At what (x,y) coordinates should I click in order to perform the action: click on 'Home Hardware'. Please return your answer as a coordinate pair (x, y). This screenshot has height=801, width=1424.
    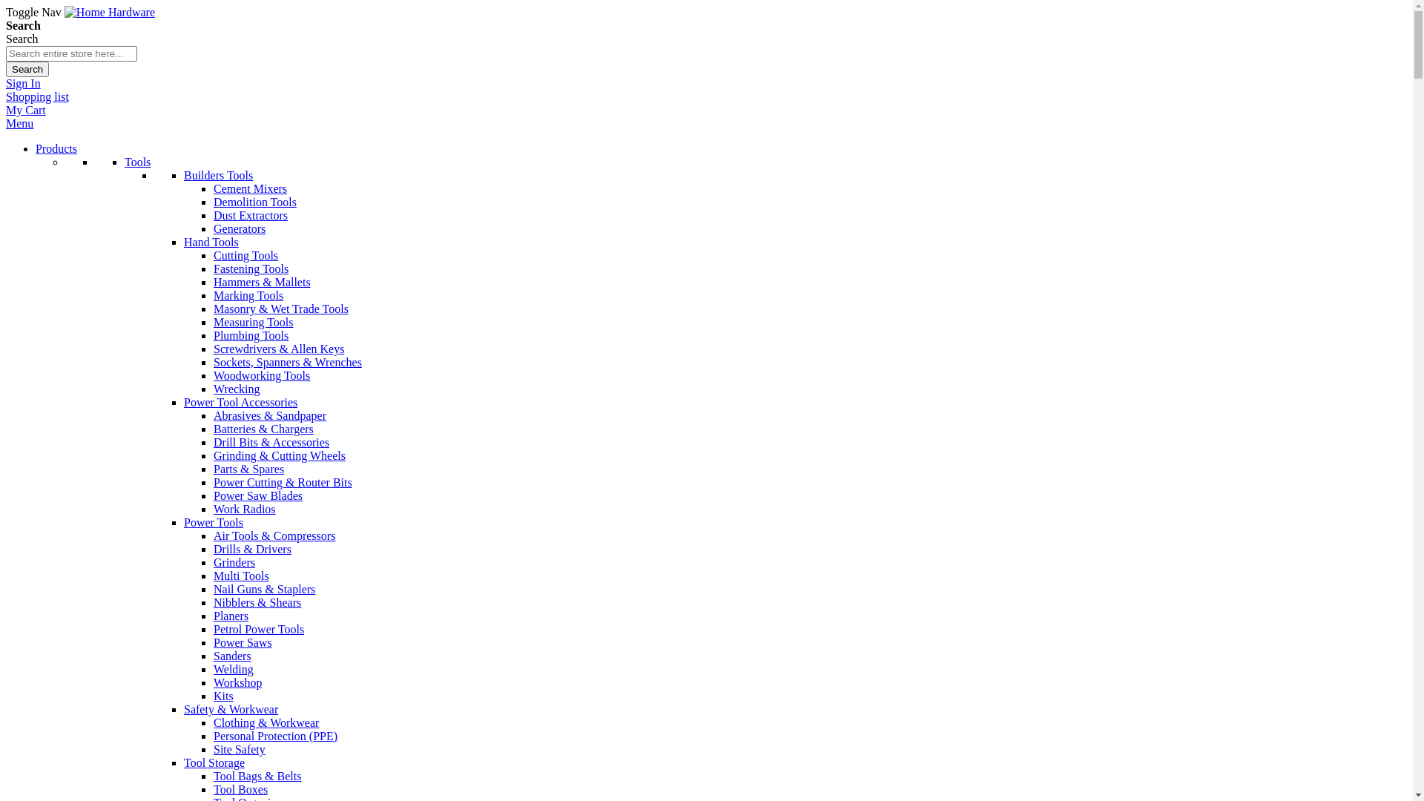
    Looking at the image, I should click on (109, 12).